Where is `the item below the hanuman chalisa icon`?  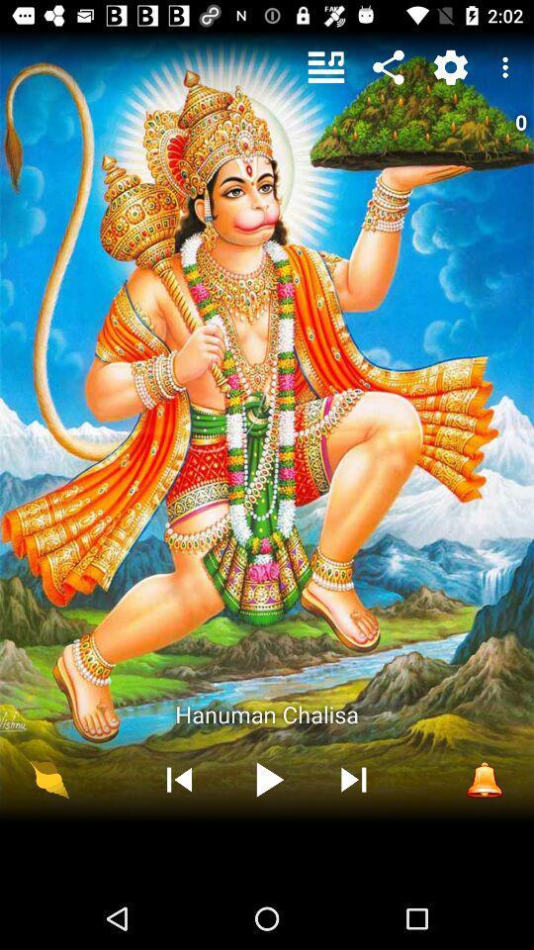 the item below the hanuman chalisa icon is located at coordinates (266, 780).